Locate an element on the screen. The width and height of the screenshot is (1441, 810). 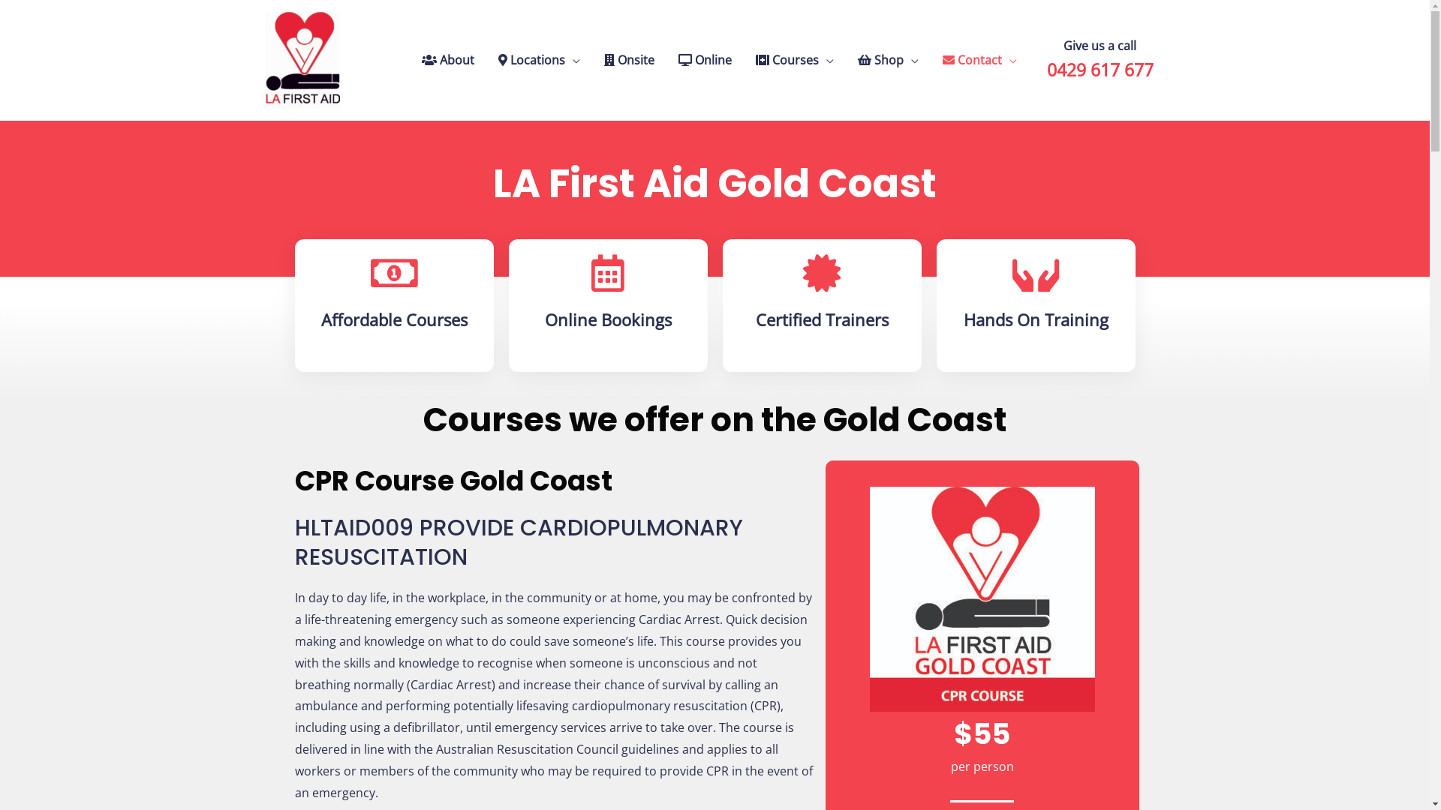
'Courses' is located at coordinates (793, 59).